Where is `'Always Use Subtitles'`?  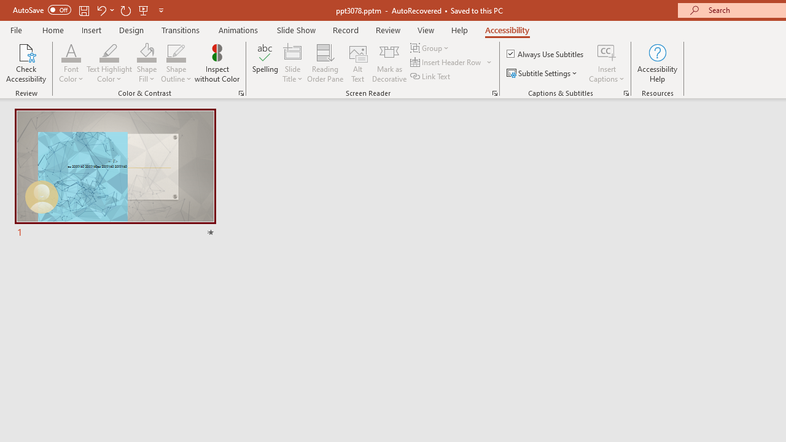 'Always Use Subtitles' is located at coordinates (545, 53).